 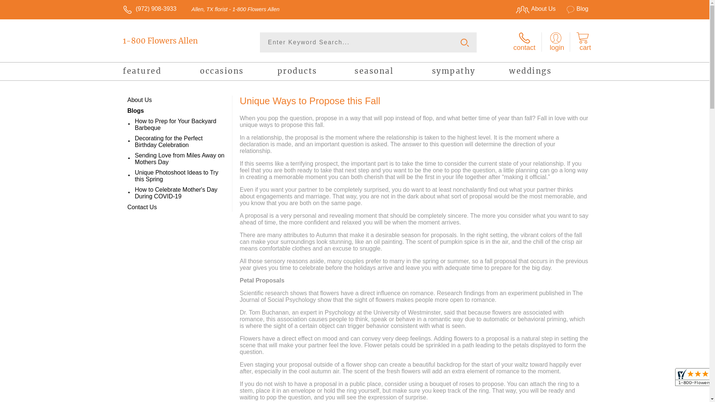 I want to click on 'How to Celebrate Mother's Day During COVID-19', so click(x=180, y=193).